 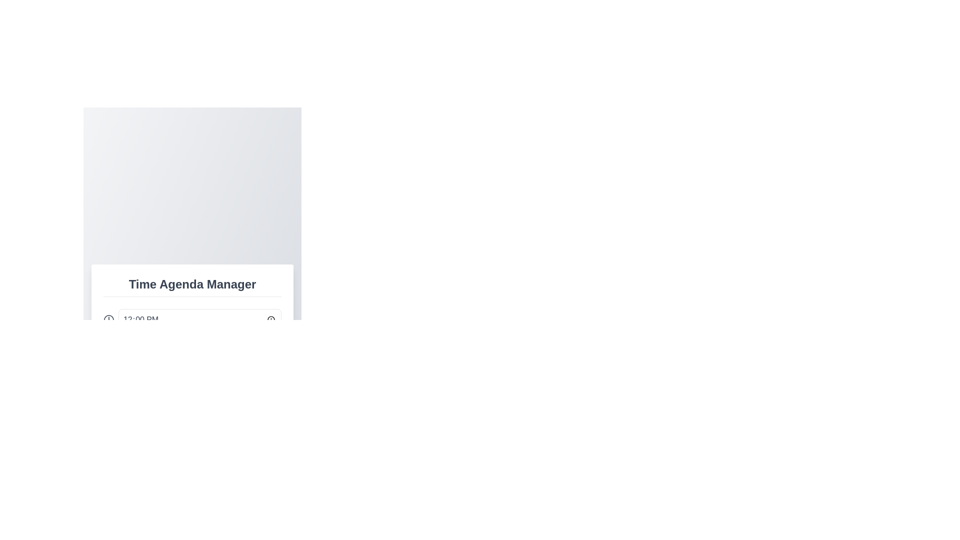 I want to click on the SVG circle element that is part of the clock icon within the 'Time Agenda Manager' UI section, so click(x=108, y=319).